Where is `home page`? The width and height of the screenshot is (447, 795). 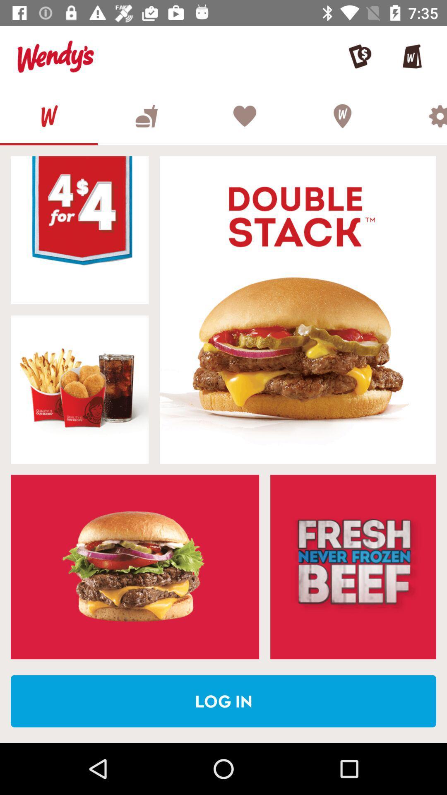 home page is located at coordinates (49, 116).